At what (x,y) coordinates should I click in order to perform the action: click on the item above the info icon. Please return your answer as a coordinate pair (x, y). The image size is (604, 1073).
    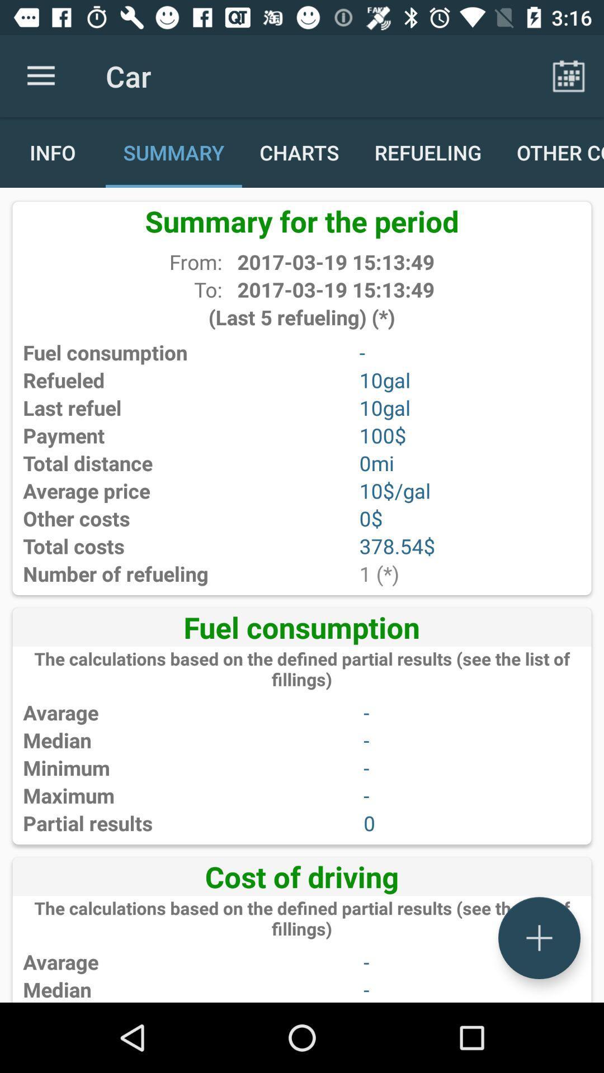
    Looking at the image, I should click on (40, 75).